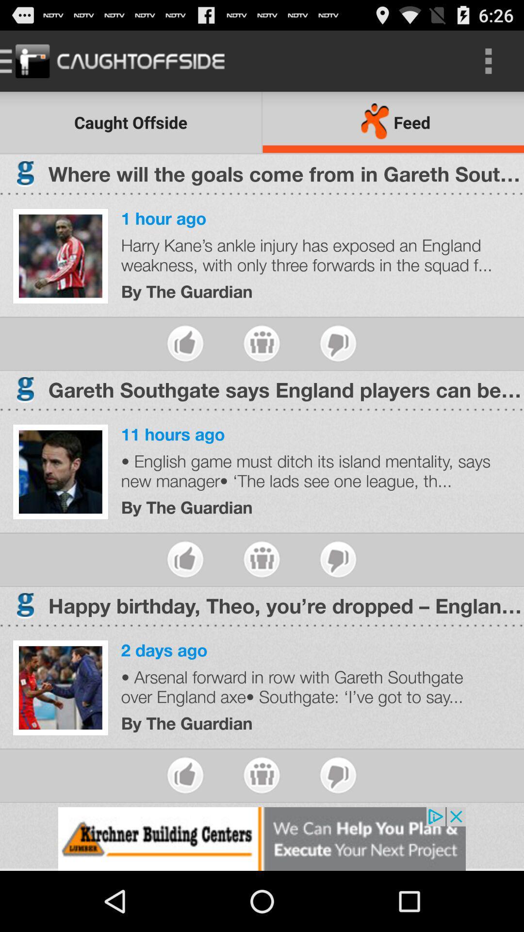 This screenshot has height=932, width=524. I want to click on the pop menu, so click(261, 775).